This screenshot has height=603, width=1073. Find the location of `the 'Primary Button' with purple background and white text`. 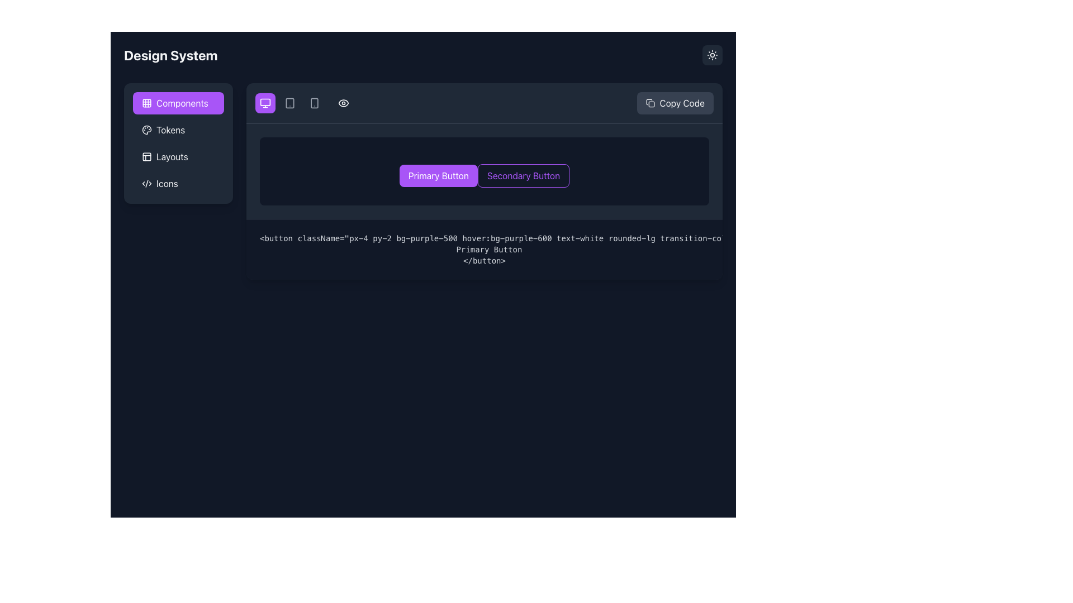

the 'Primary Button' with purple background and white text is located at coordinates (438, 176).